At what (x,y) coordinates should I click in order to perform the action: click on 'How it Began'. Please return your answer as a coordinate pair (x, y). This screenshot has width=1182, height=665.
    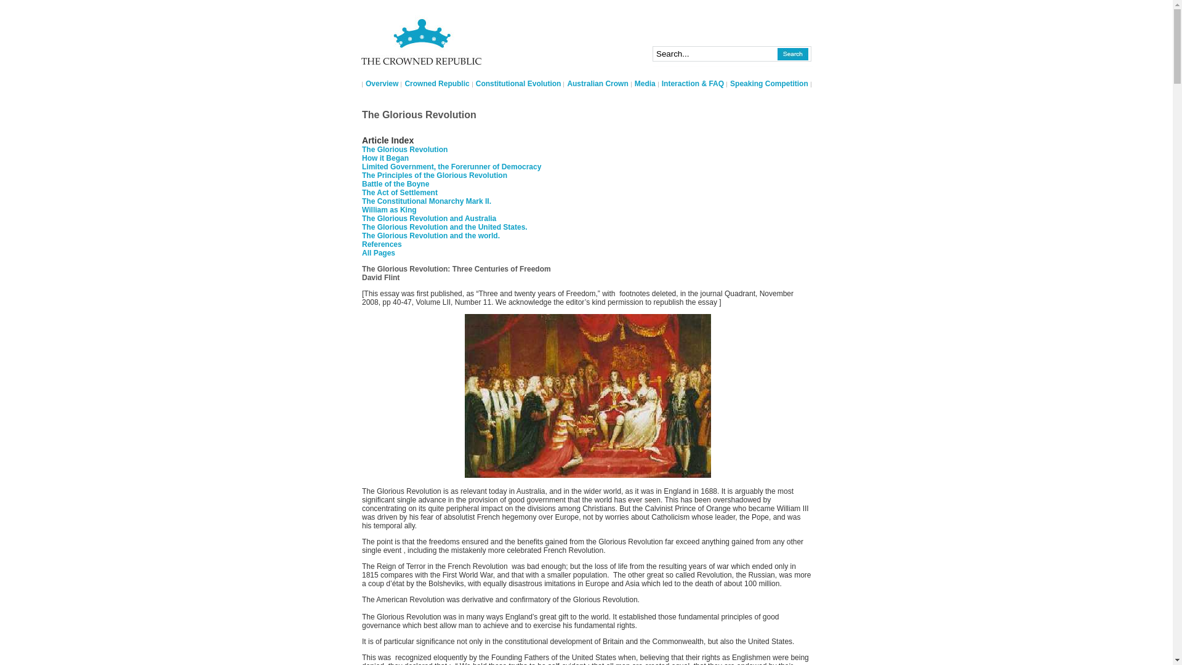
    Looking at the image, I should click on (384, 158).